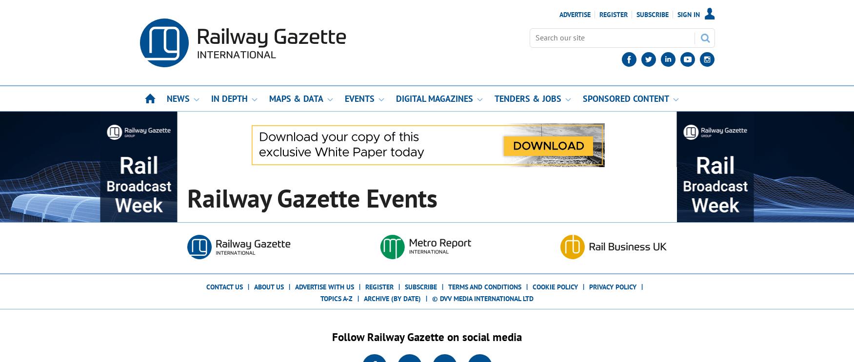 The height and width of the screenshot is (362, 854). What do you see at coordinates (177, 98) in the screenshot?
I see `'News'` at bounding box center [177, 98].